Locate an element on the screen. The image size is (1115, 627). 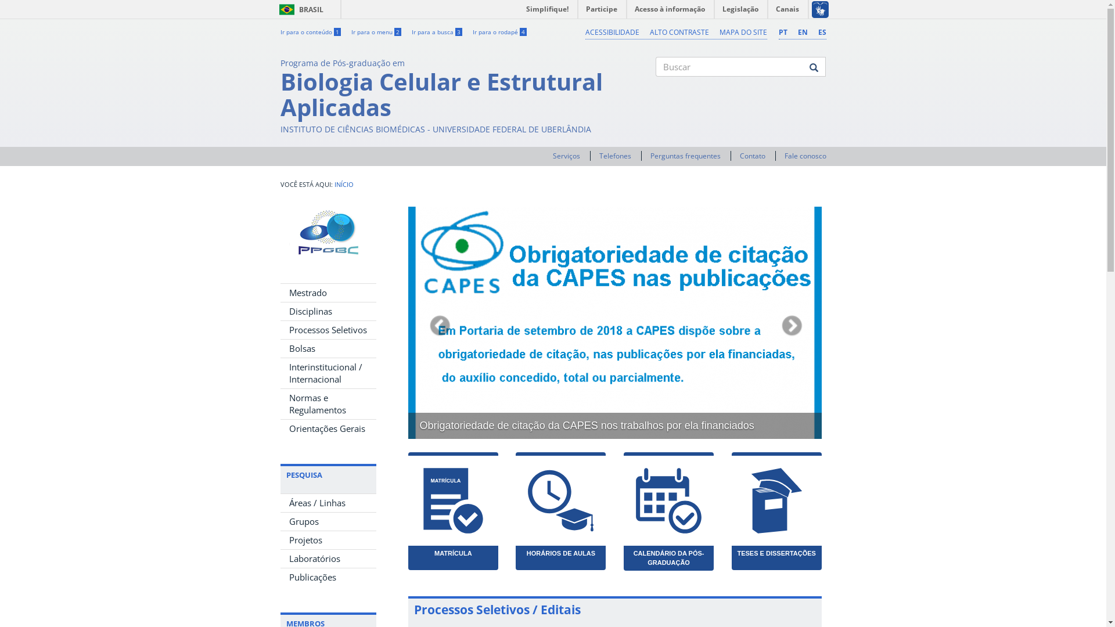
'MAPA DO SITE' is located at coordinates (742, 31).